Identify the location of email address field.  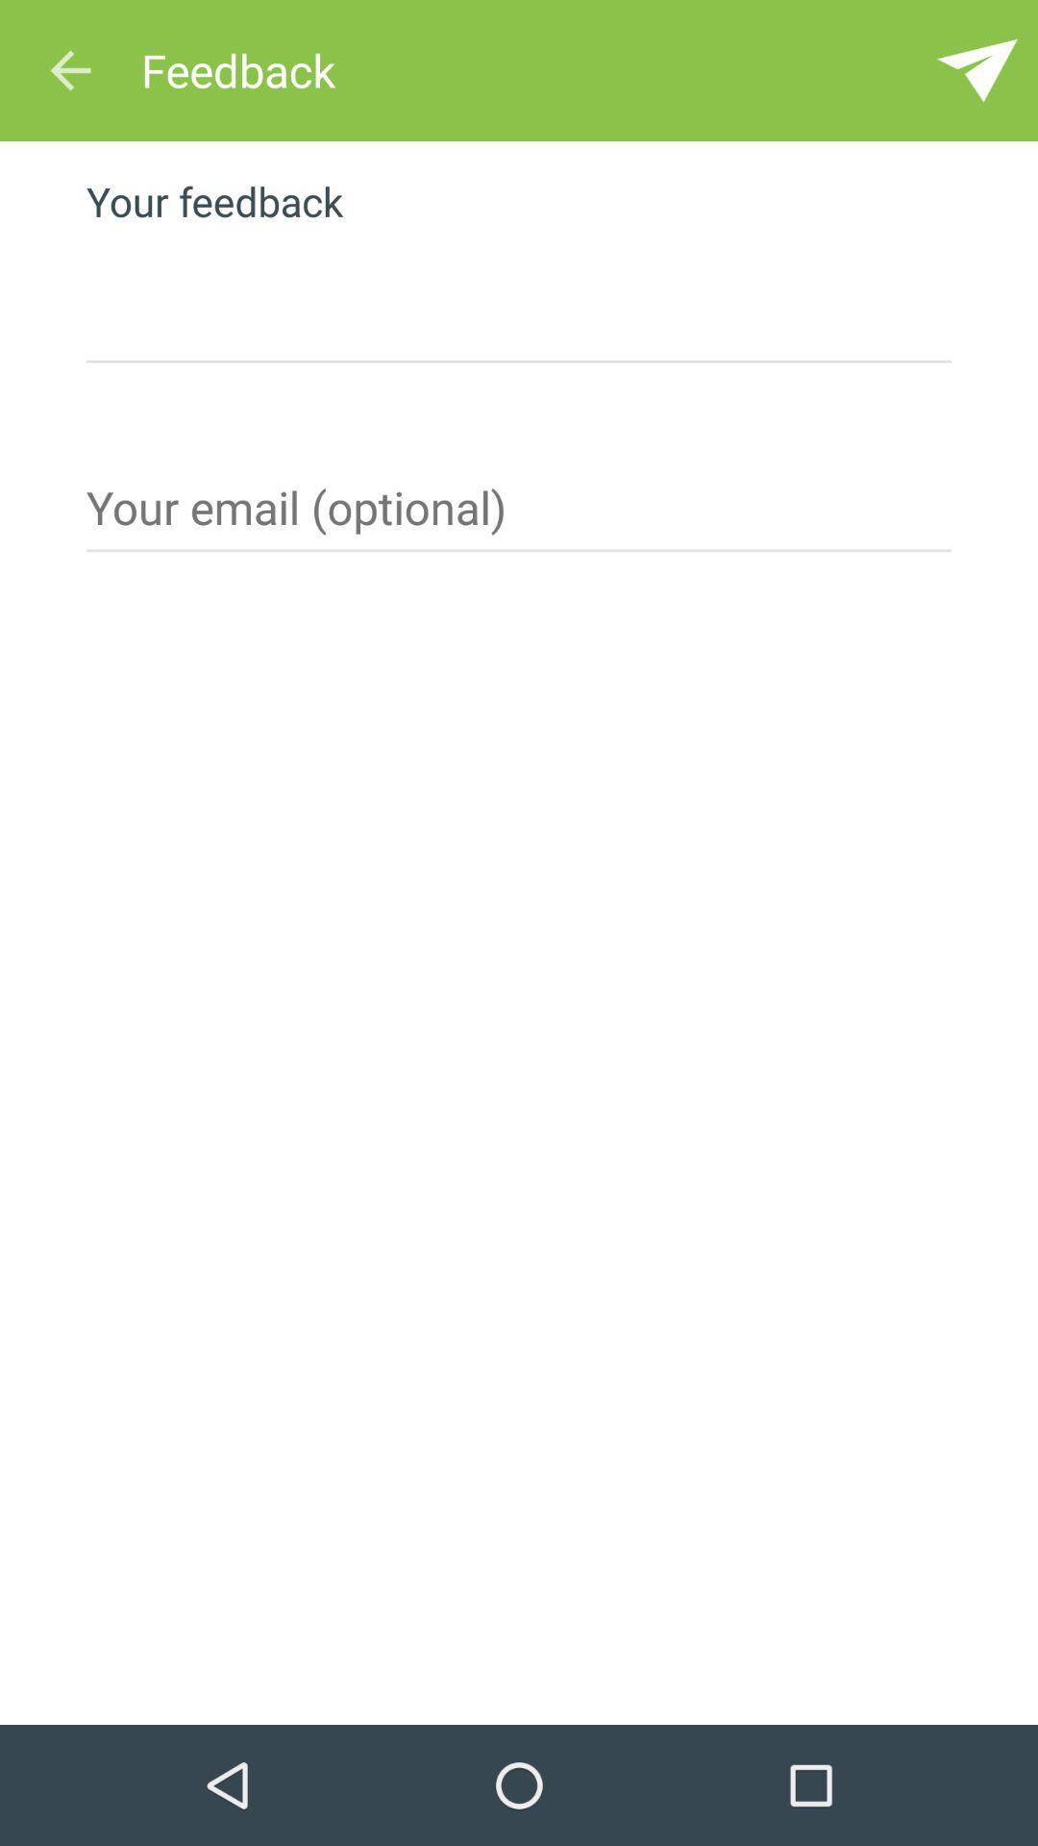
(519, 514).